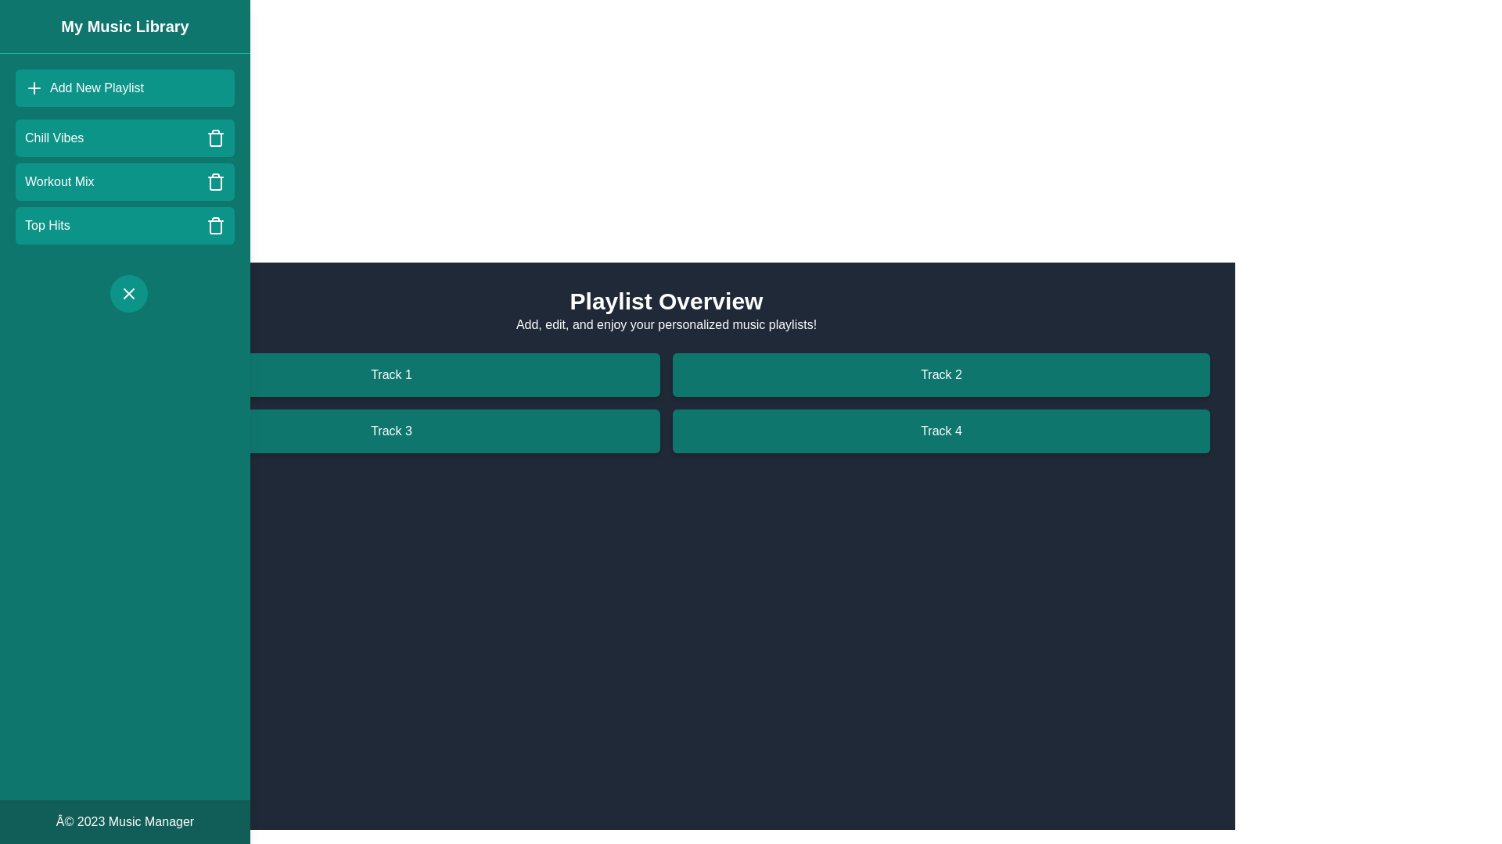 This screenshot has width=1502, height=844. I want to click on the 'Workout Mix' text label in the playlist sidebar, so click(59, 181).